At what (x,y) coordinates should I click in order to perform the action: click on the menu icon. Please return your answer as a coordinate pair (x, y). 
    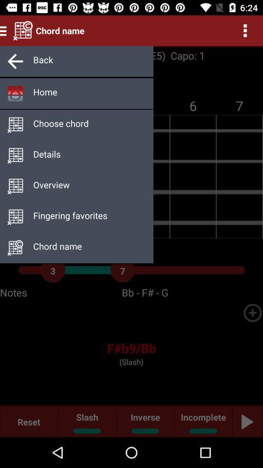
    Looking at the image, I should click on (4, 30).